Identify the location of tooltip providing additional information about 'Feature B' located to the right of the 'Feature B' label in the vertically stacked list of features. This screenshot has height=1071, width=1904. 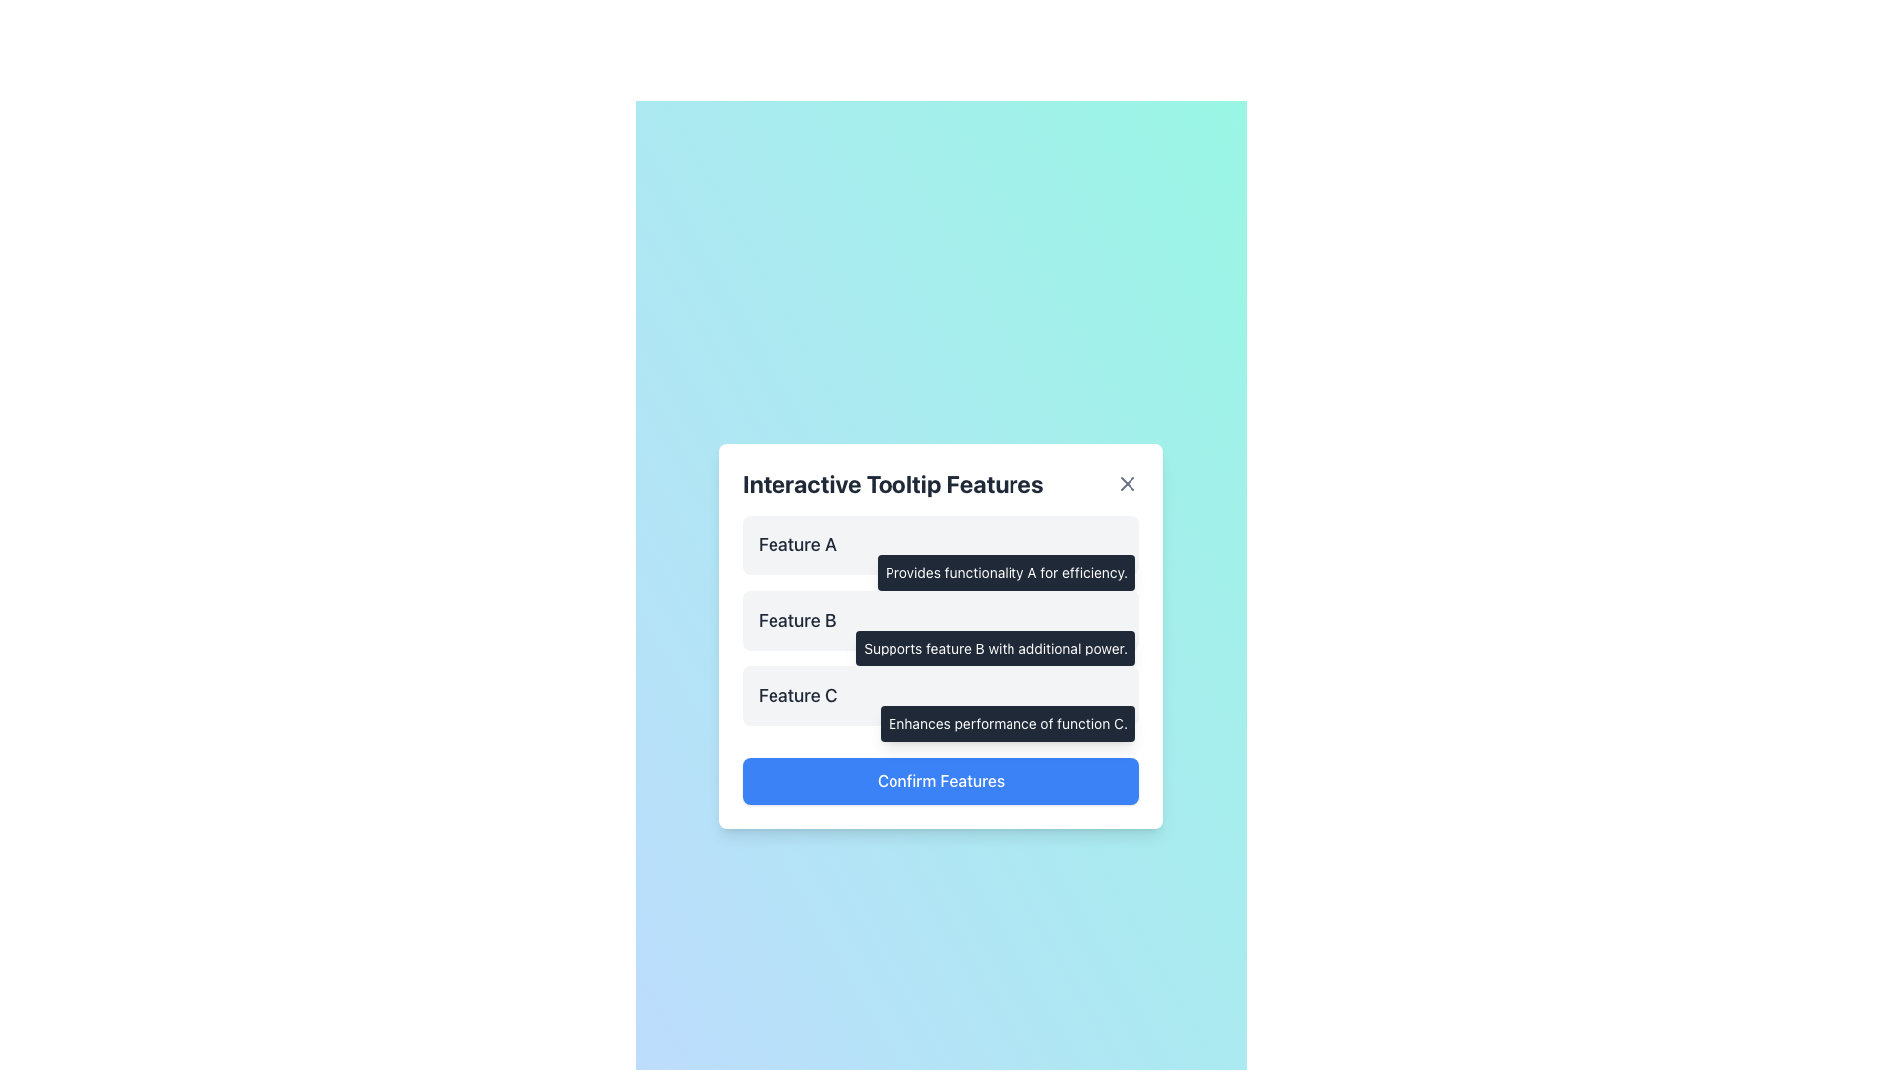
(996, 649).